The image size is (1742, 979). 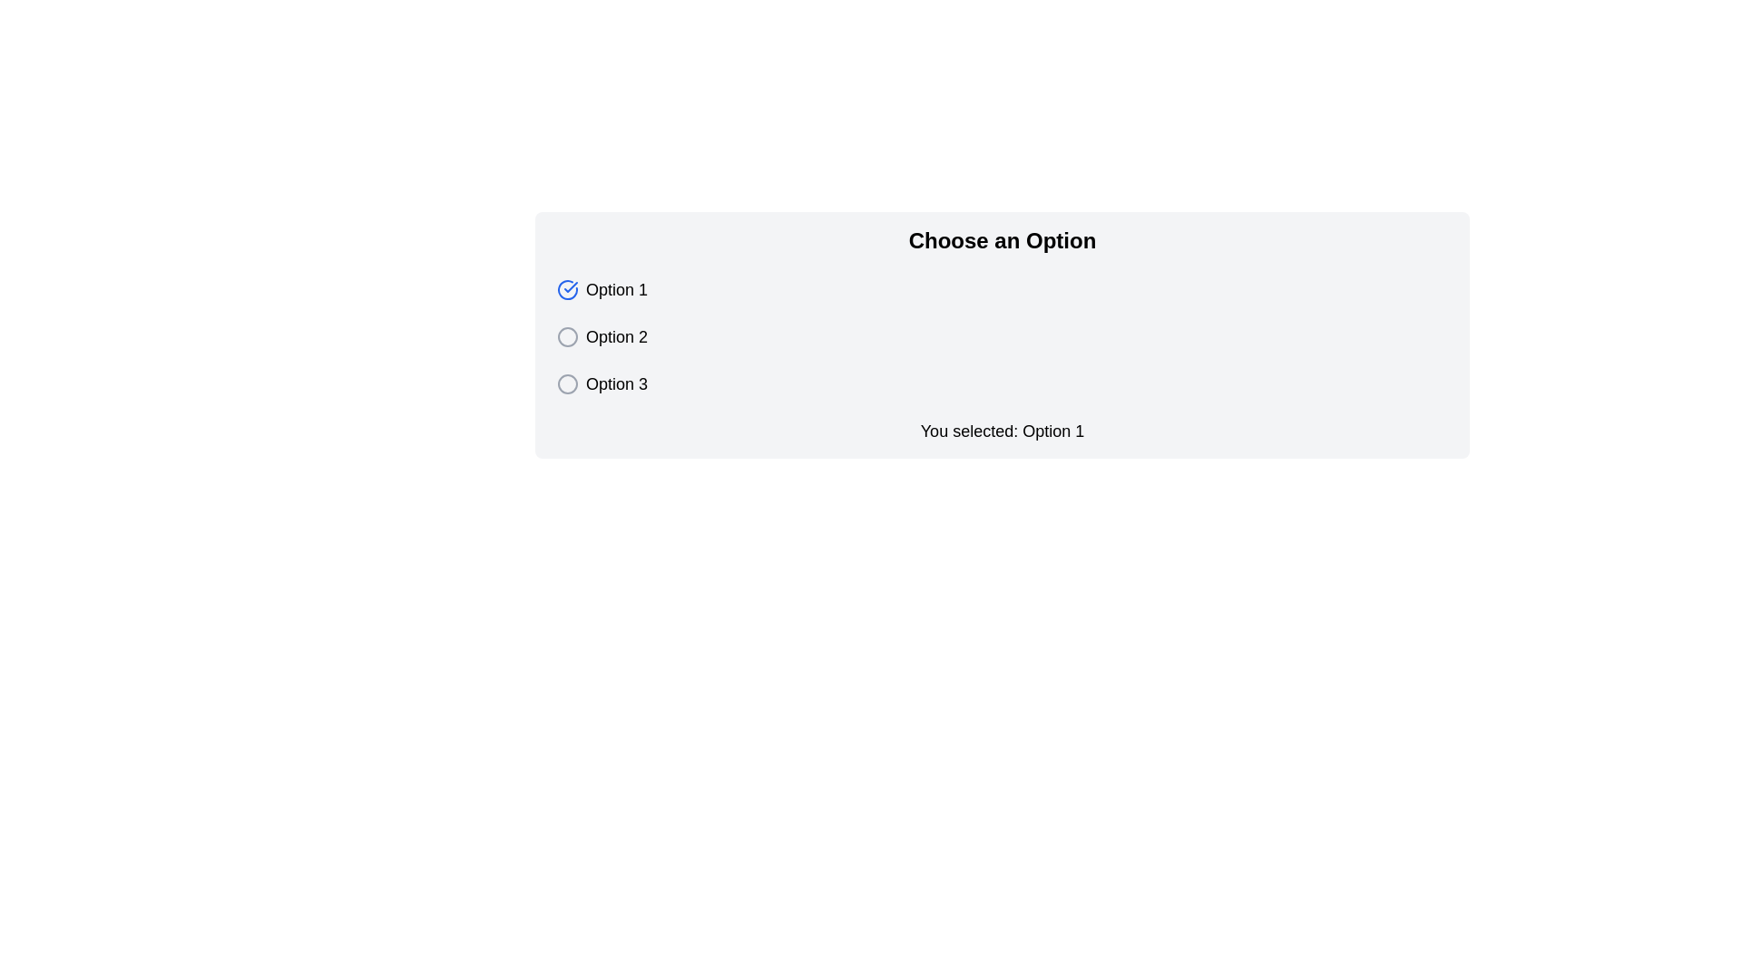 I want to click on the first selectable option's text label, which is located to the right of the checkbox indicator in the vertical list, so click(x=617, y=289).